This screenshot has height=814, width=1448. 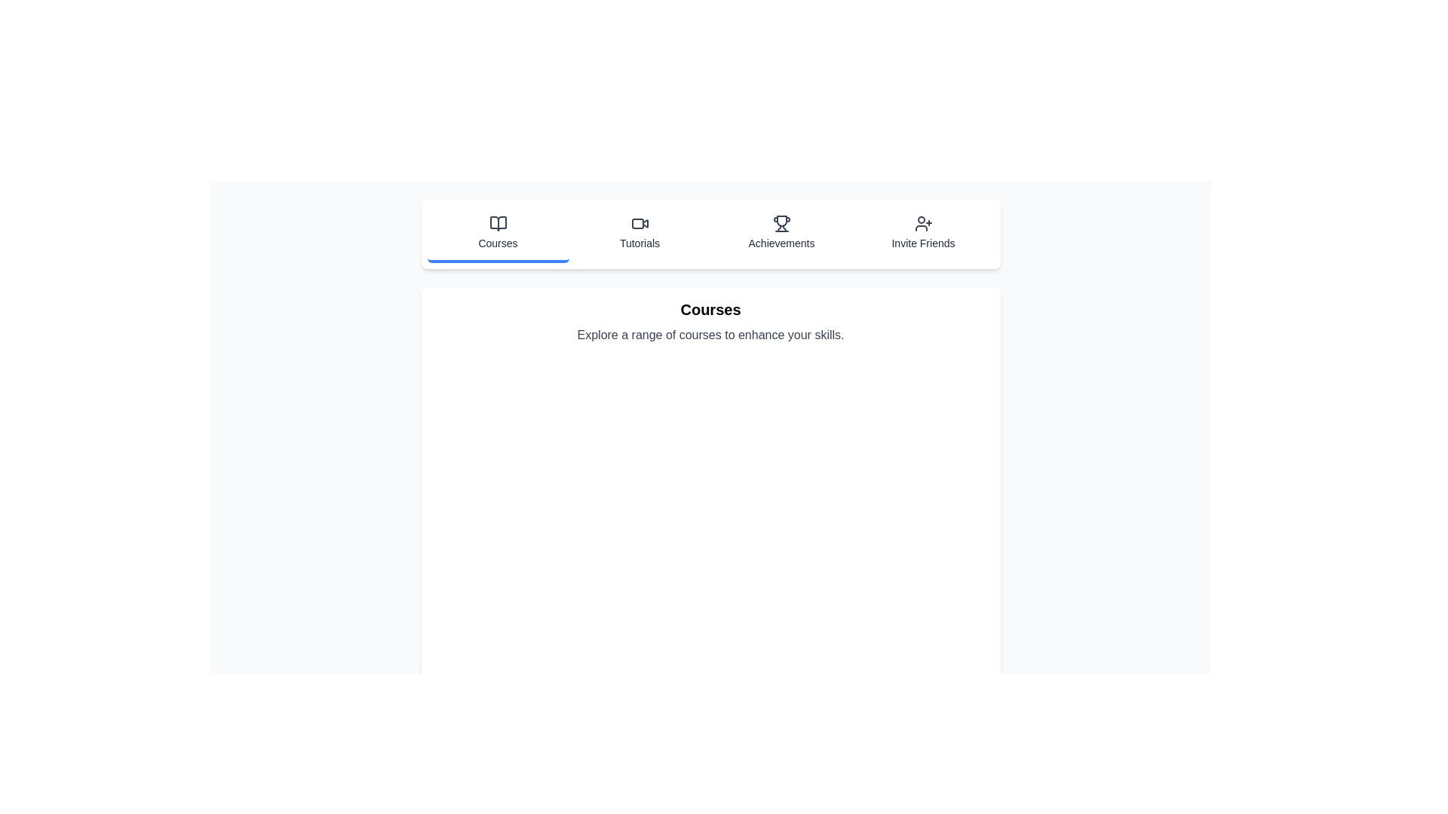 What do you see at coordinates (640, 234) in the screenshot?
I see `the 'Tutorials' button, which features a video camera icon above the text` at bounding box center [640, 234].